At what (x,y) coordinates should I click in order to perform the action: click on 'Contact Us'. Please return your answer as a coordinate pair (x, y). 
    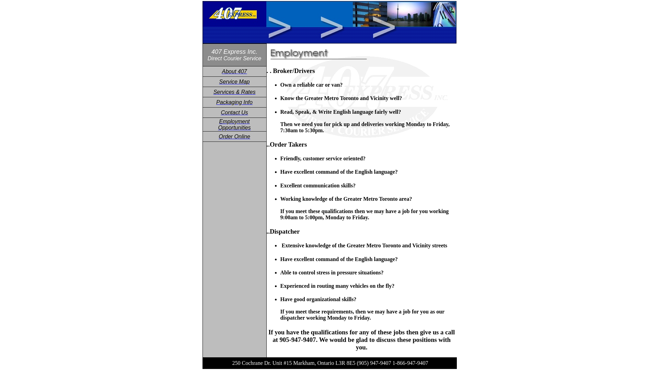
    Looking at the image, I should click on (234, 112).